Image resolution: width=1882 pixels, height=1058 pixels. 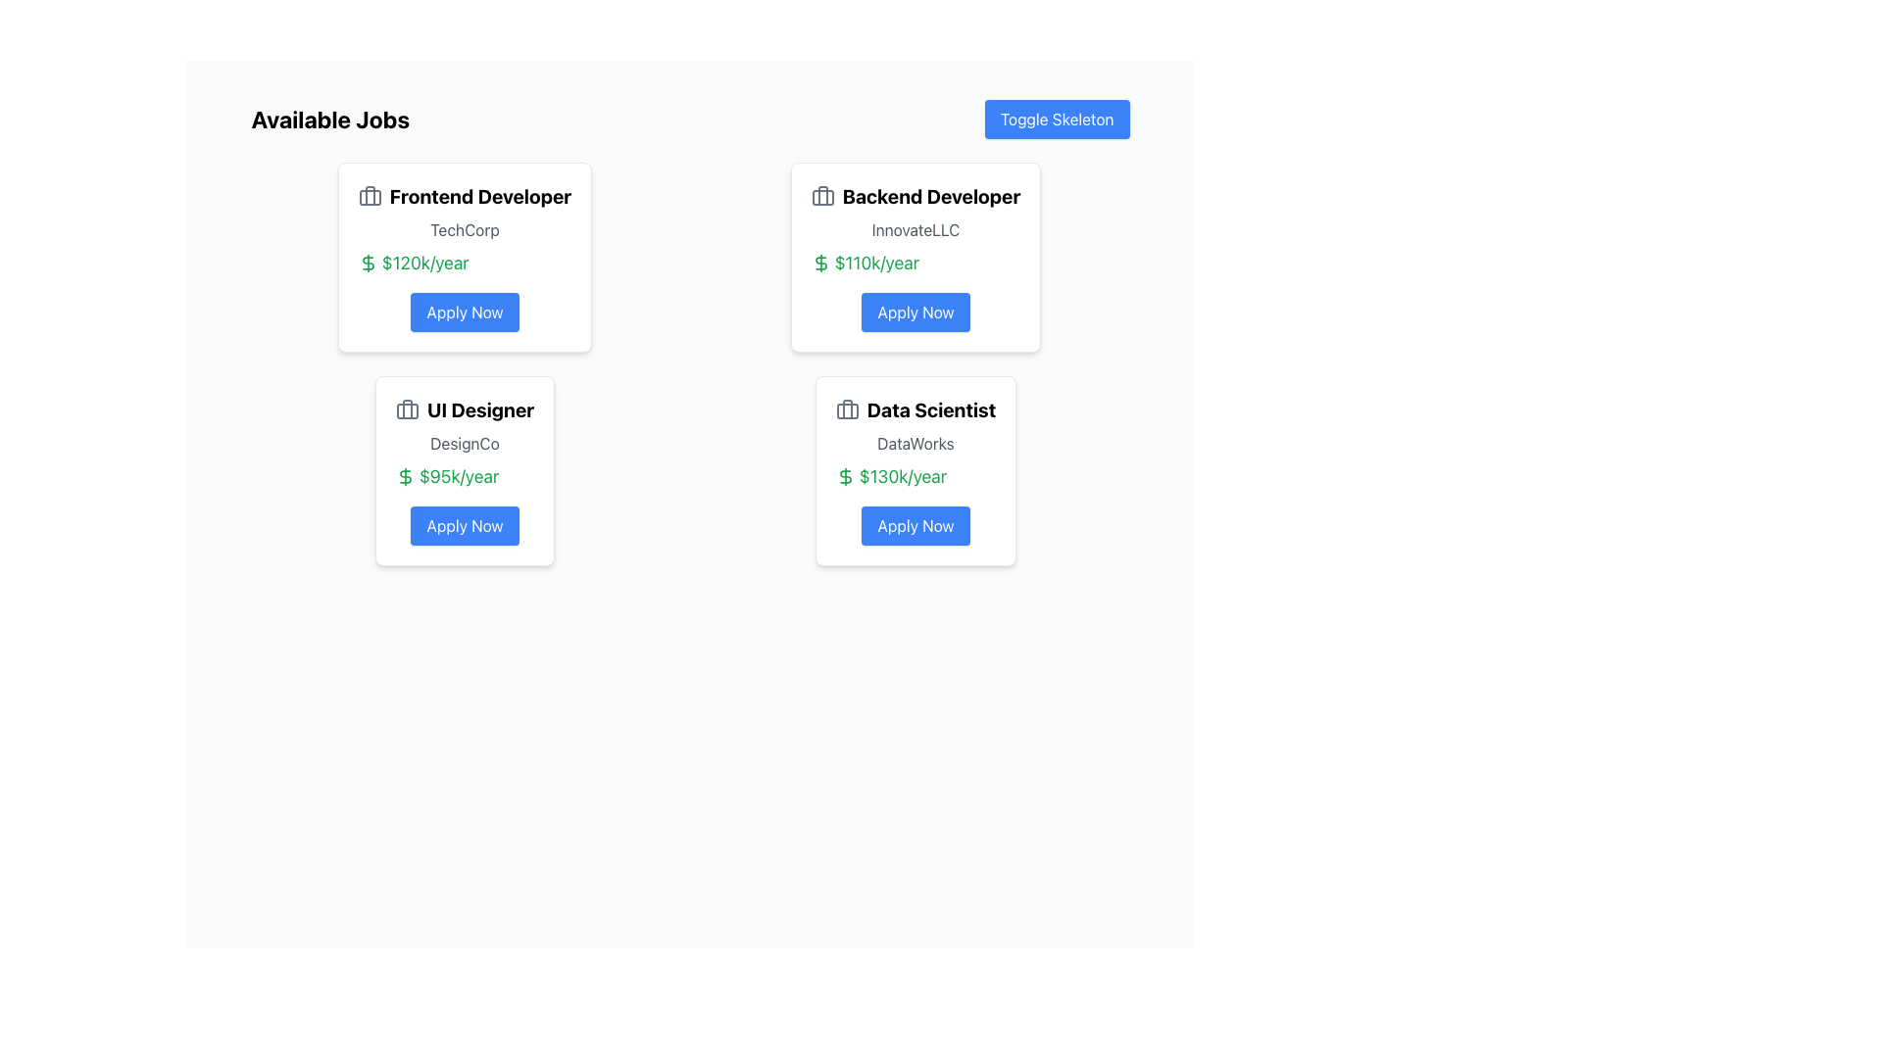 What do you see at coordinates (464, 312) in the screenshot?
I see `the blue button labeled 'Apply Now' located at the bottom of the job listing card for the Frontend Developer position at TechCorp to proceed with the application process` at bounding box center [464, 312].